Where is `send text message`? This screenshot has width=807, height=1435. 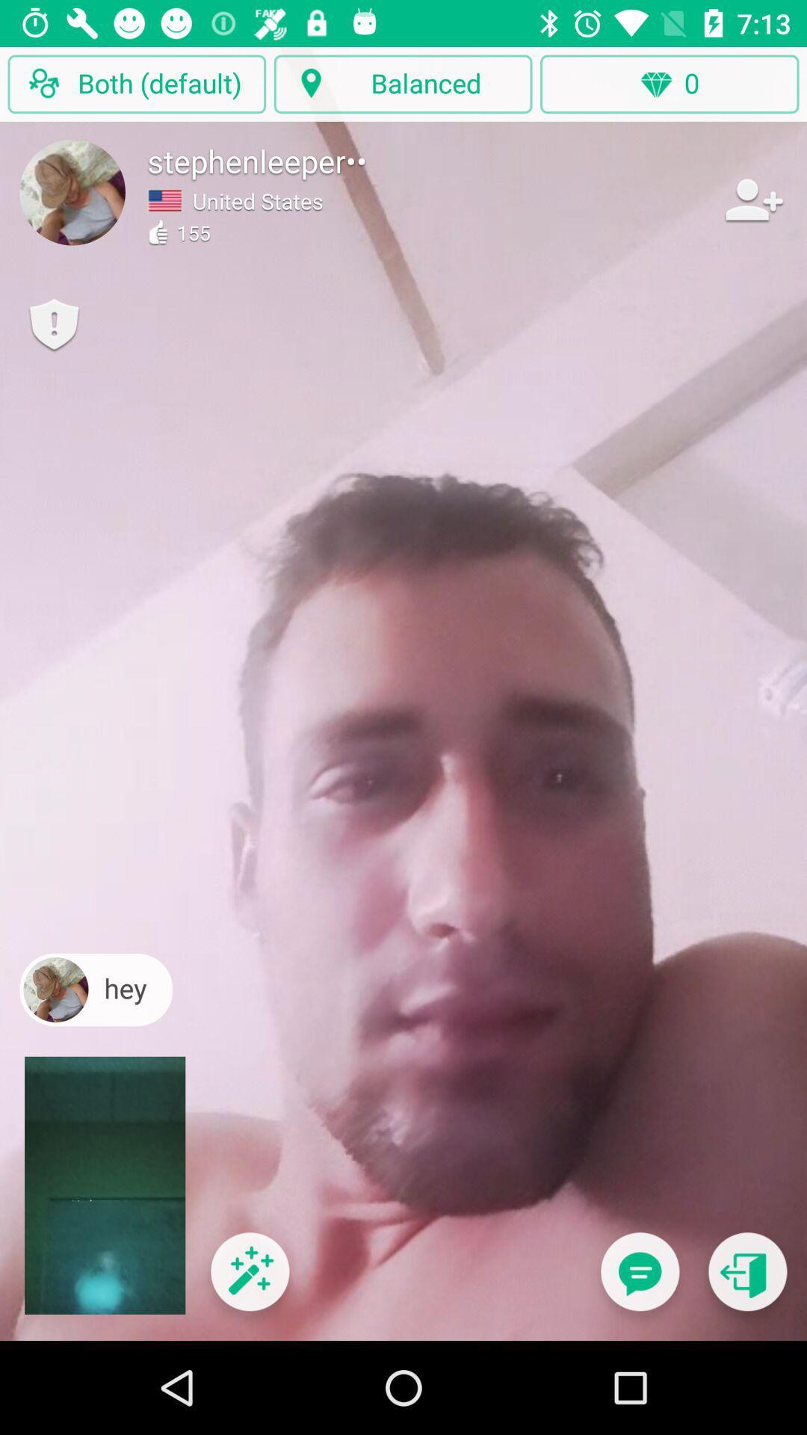
send text message is located at coordinates (639, 1280).